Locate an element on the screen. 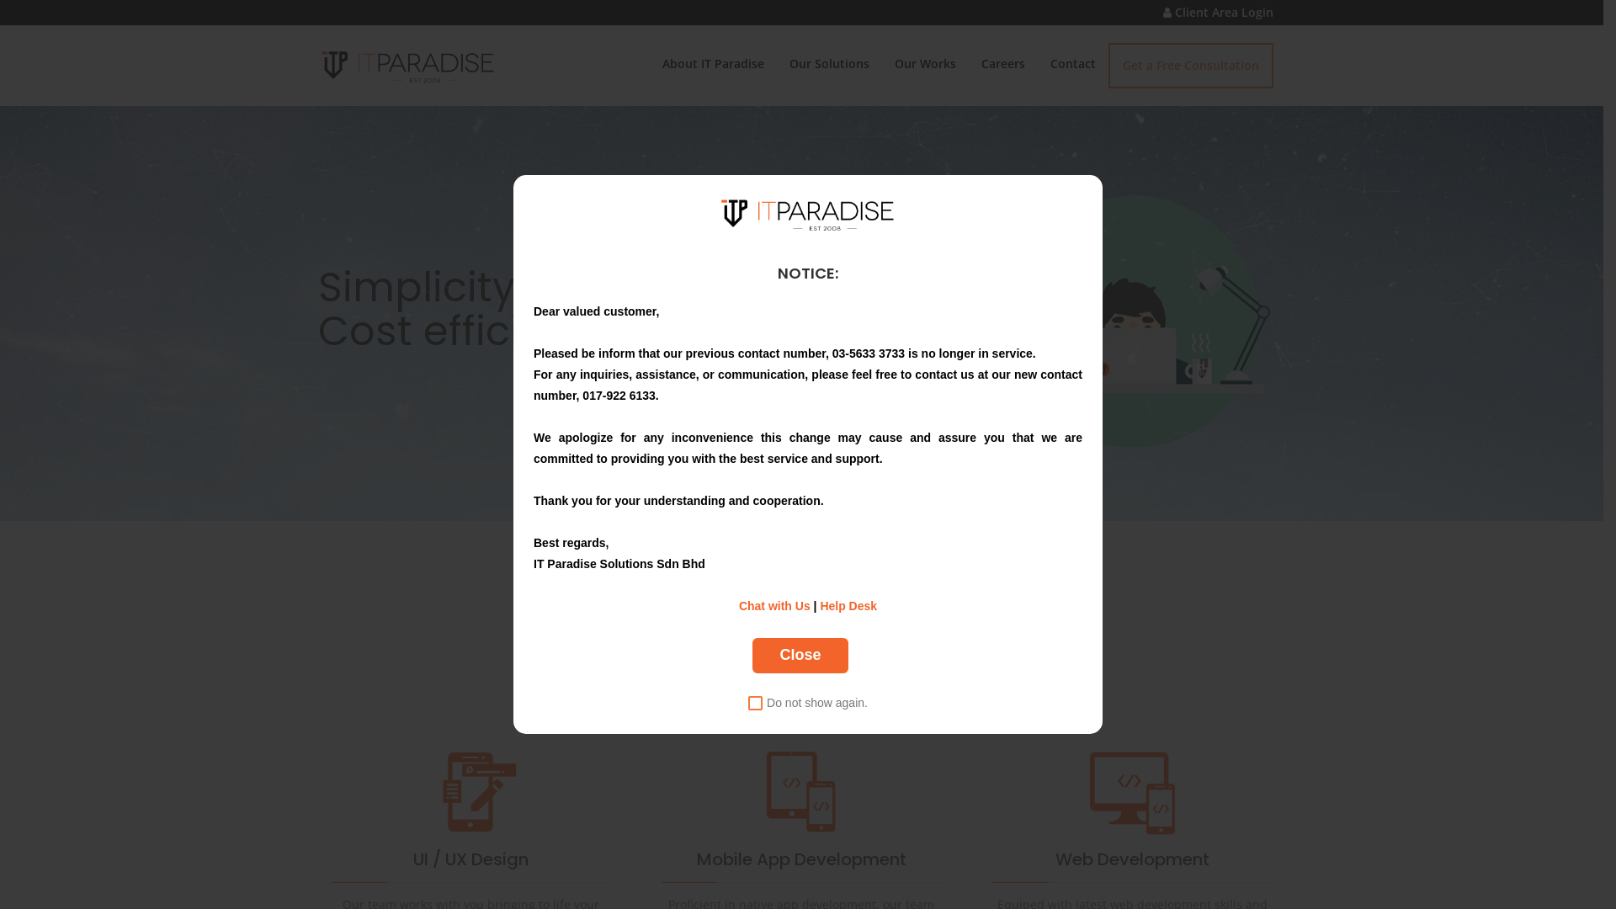 The image size is (1616, 909). 'Close' is located at coordinates (799, 655).